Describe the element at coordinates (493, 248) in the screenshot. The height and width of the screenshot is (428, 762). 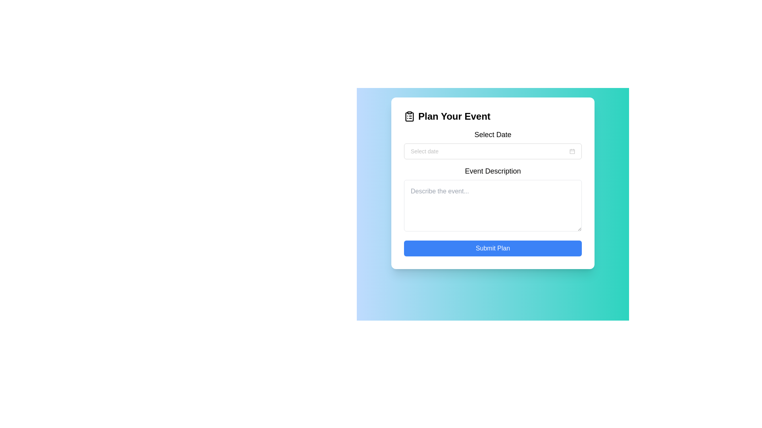
I see `the submit button located at the bottom of the 'Plan Your Event' card` at that location.